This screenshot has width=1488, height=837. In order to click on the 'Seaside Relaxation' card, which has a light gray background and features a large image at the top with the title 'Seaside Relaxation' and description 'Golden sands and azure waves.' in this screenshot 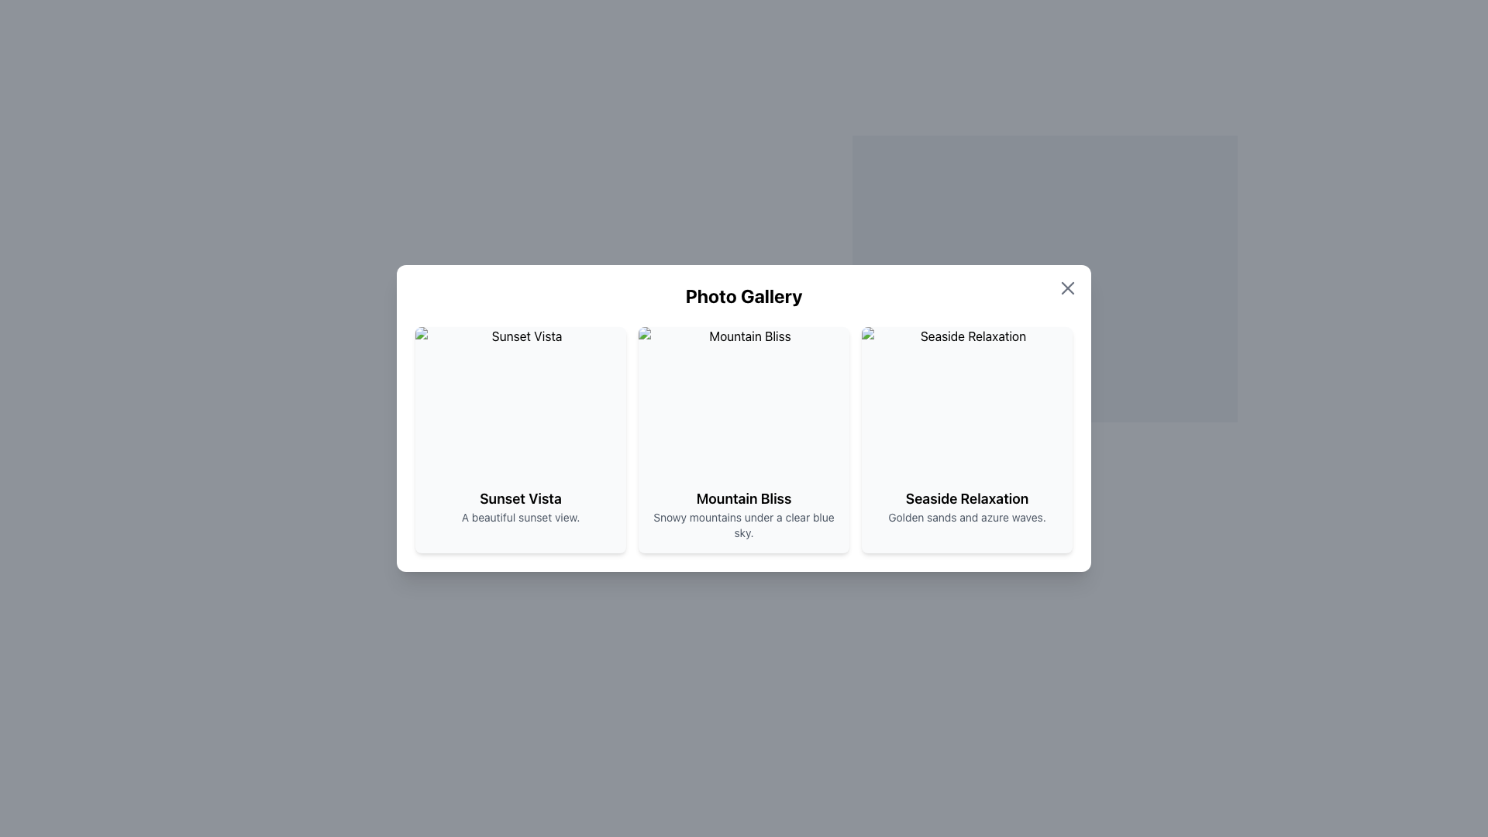, I will do `click(966, 439)`.